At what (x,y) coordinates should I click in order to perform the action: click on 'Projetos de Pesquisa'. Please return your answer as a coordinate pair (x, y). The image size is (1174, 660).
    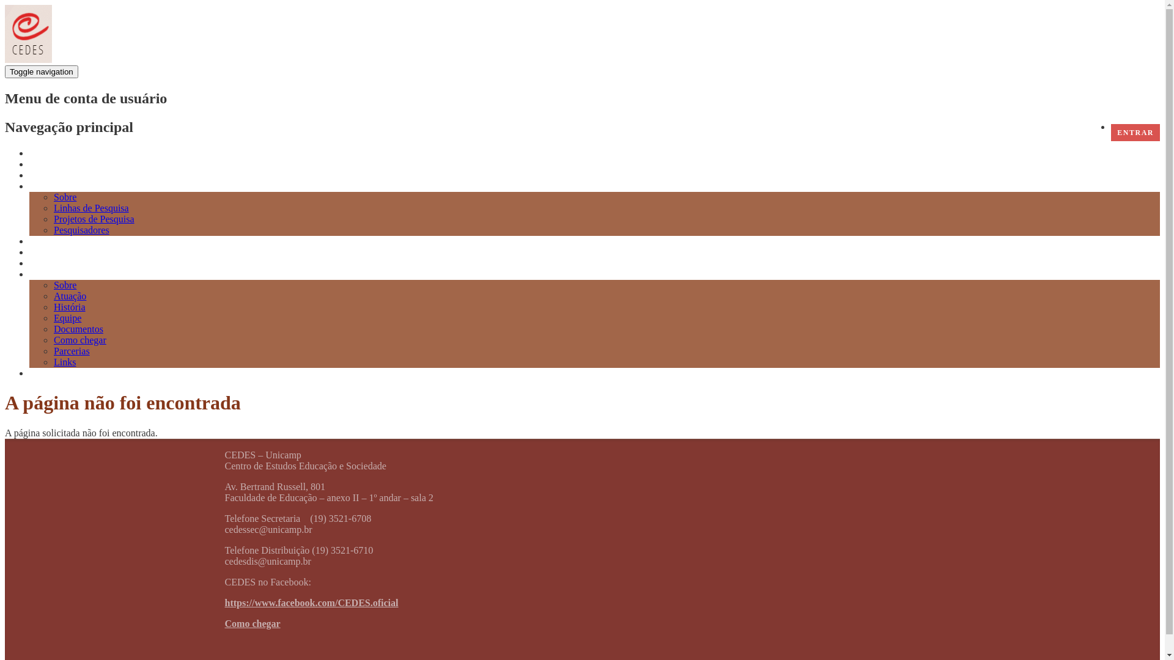
    Looking at the image, I should click on (93, 218).